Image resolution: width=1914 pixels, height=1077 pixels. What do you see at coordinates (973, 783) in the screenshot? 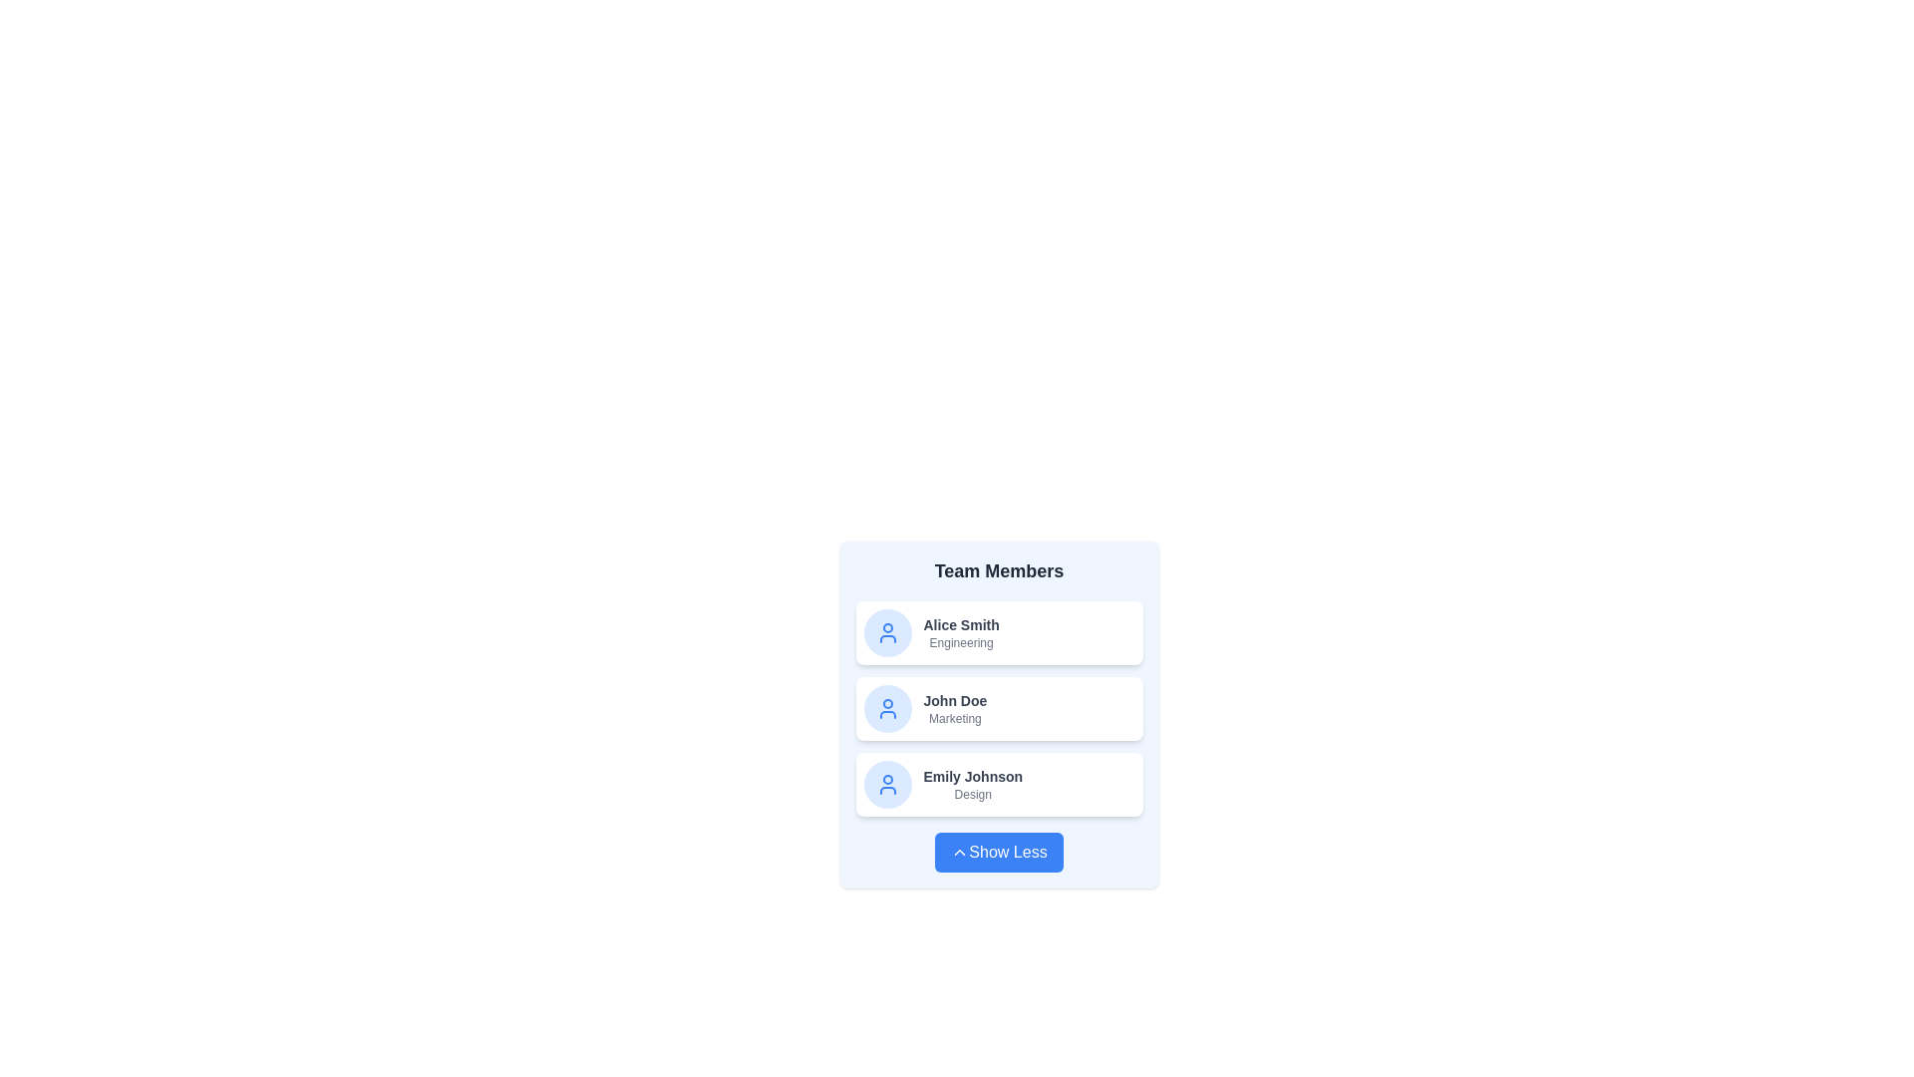
I see `text information displayed for the third team member in the list, which is positioned below 'John Doe \n Marketing' and above the 'Show Less' button` at bounding box center [973, 783].